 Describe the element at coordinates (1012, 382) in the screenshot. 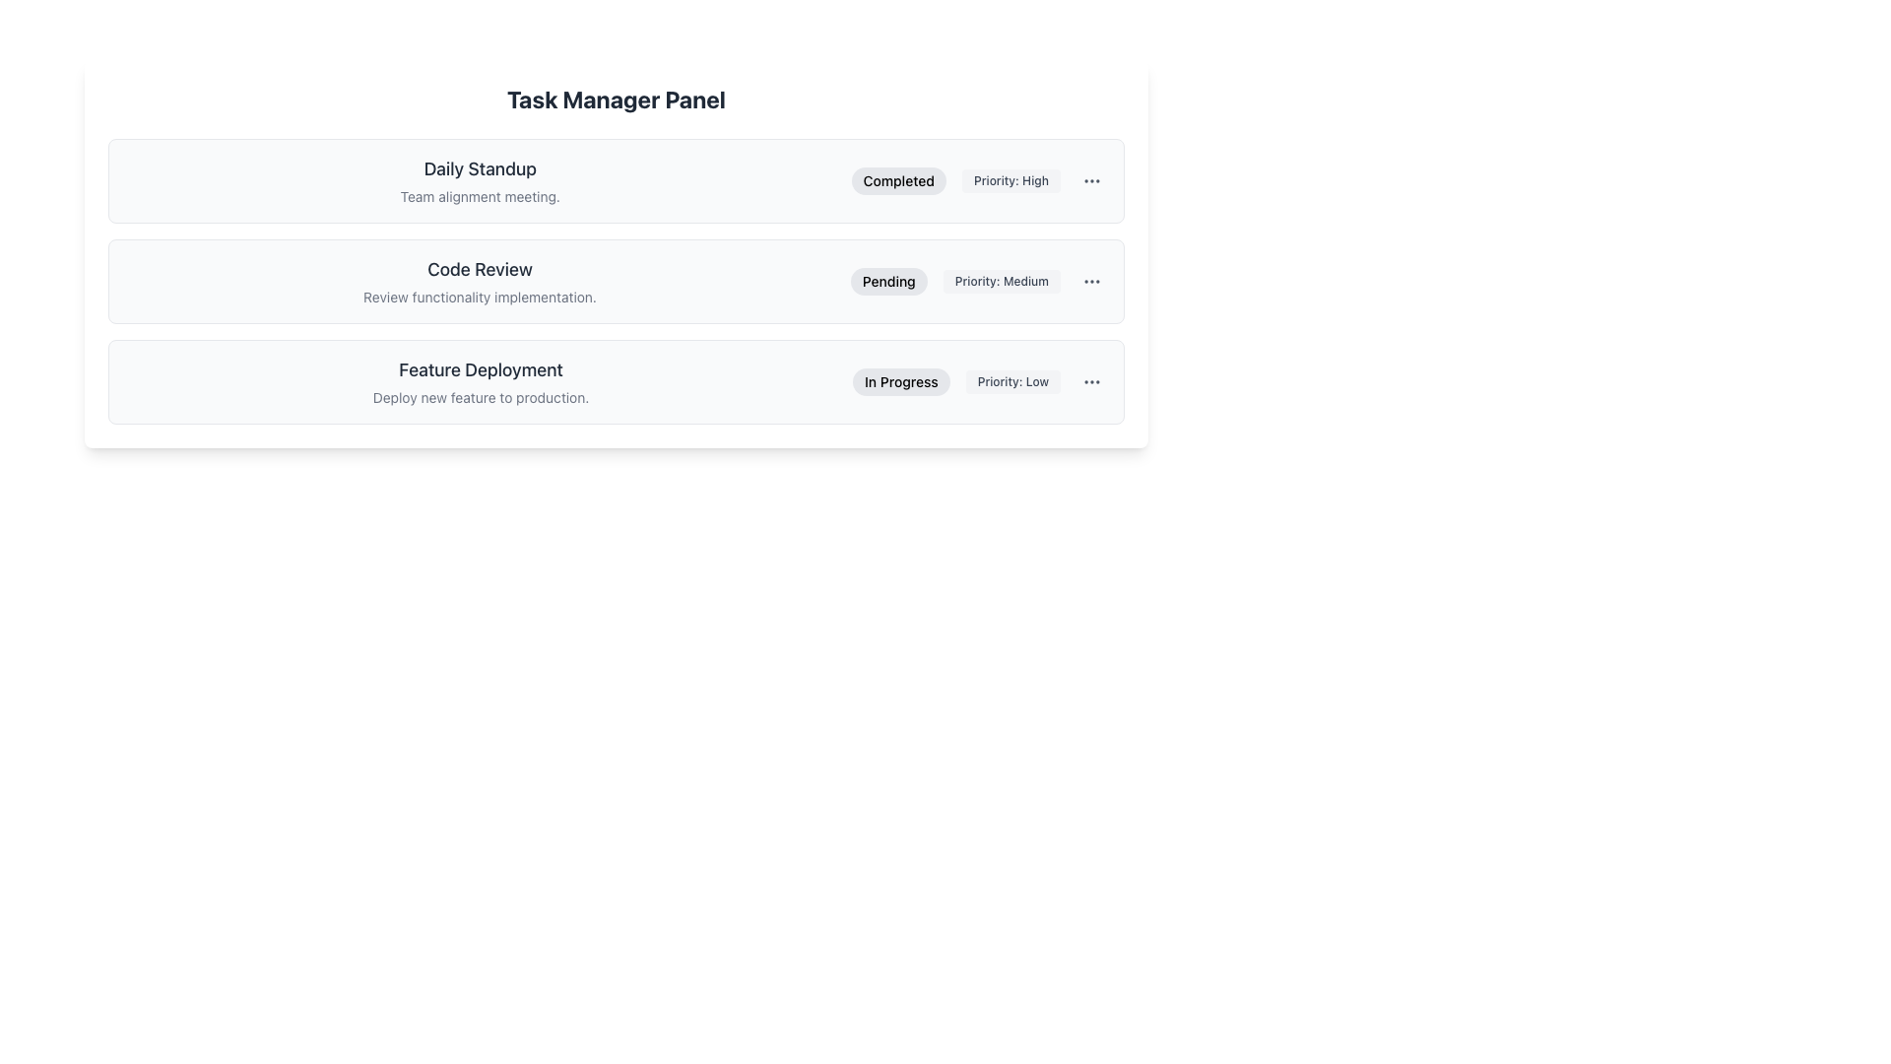

I see `the non-interactive display label indicating 'Low' priority in the third task row of the 'Feature Deployment' task list` at that location.